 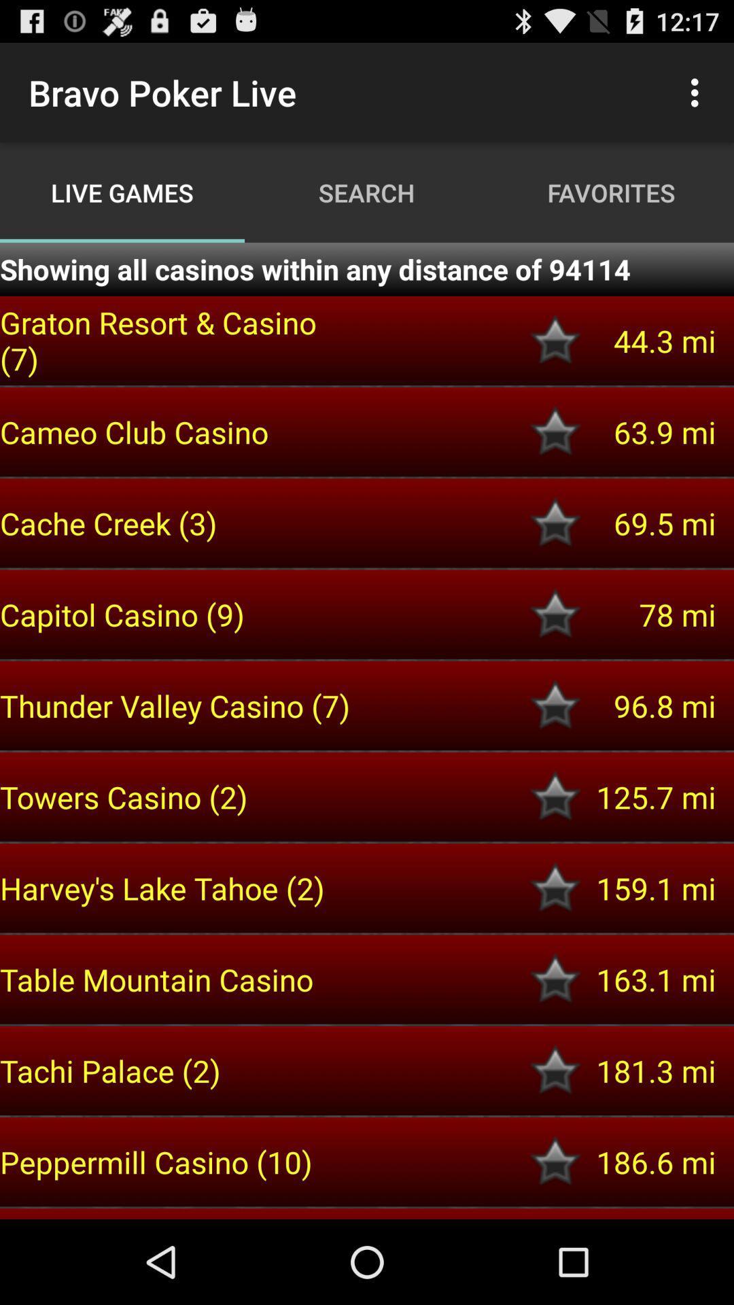 I want to click on the option which is beside live, so click(x=698, y=92).